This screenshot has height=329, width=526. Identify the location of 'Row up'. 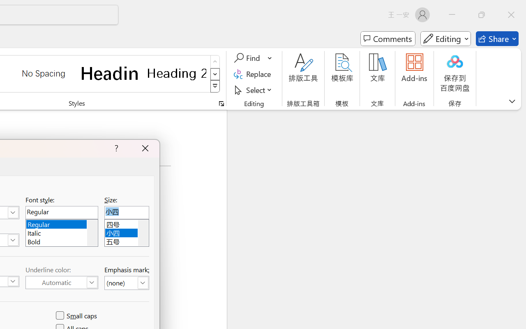
(215, 62).